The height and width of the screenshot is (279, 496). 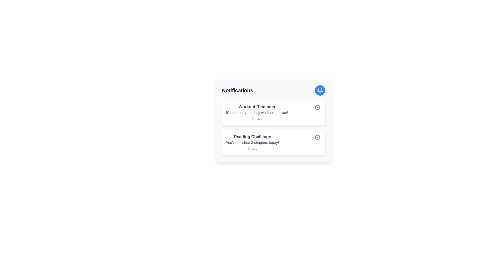 I want to click on the timestamp text label located at the bottom right corner of the 'Workout Reminder' notification card, which indicates the time elapsed since the notification was generated, so click(x=257, y=119).